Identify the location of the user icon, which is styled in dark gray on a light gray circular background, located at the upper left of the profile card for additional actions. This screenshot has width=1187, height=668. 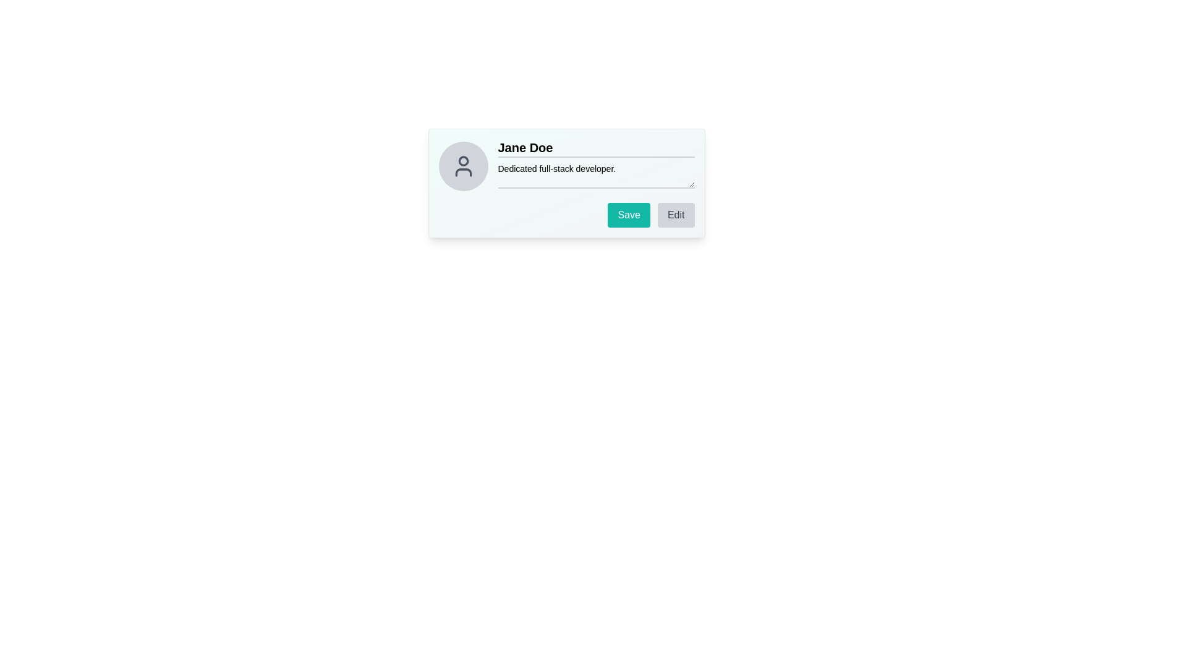
(462, 165).